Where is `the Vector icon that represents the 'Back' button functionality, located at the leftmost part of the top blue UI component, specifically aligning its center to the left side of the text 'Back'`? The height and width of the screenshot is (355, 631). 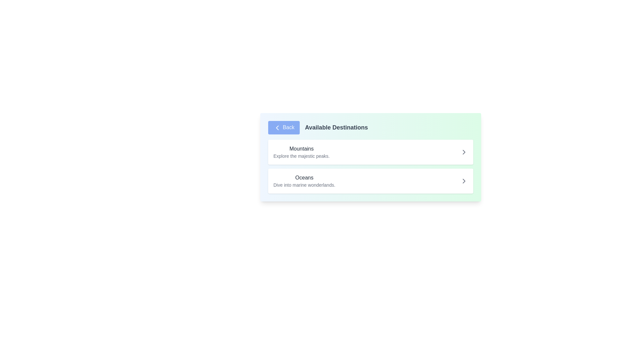
the Vector icon that represents the 'Back' button functionality, located at the leftmost part of the top blue UI component, specifically aligning its center to the left side of the text 'Back' is located at coordinates (277, 128).